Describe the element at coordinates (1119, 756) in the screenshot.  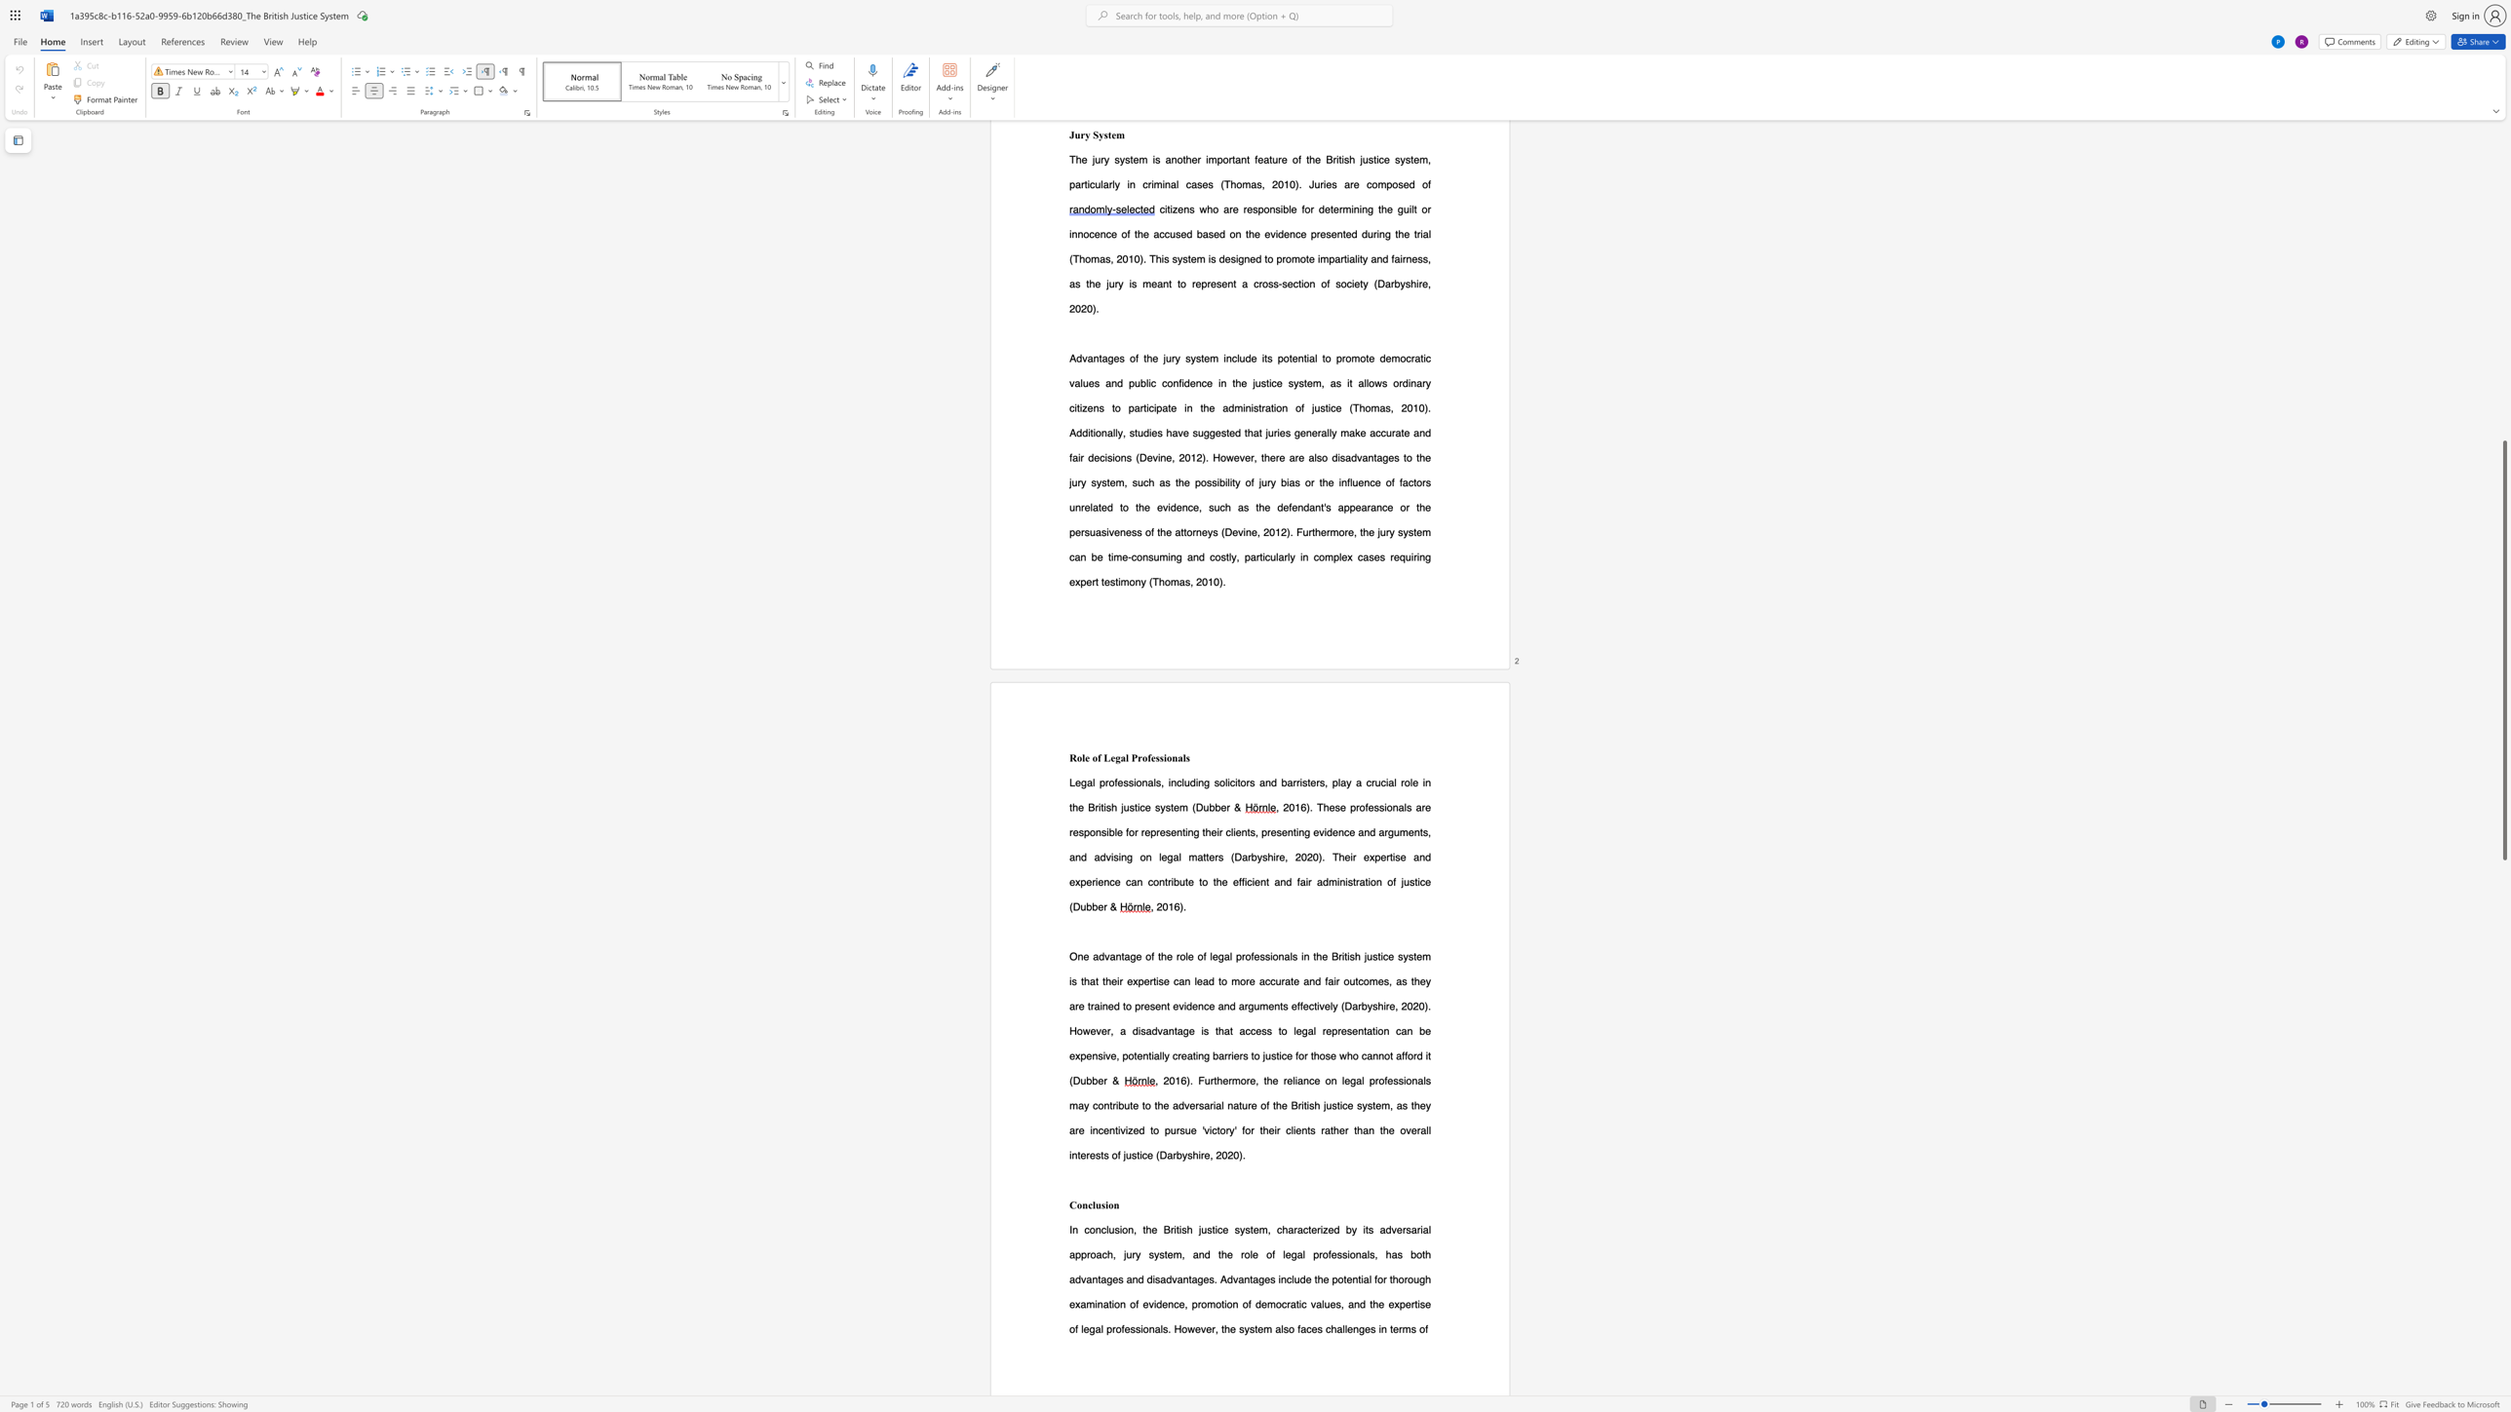
I see `the subset text "al Profession" within the text "Role of Legal Professionals"` at that location.